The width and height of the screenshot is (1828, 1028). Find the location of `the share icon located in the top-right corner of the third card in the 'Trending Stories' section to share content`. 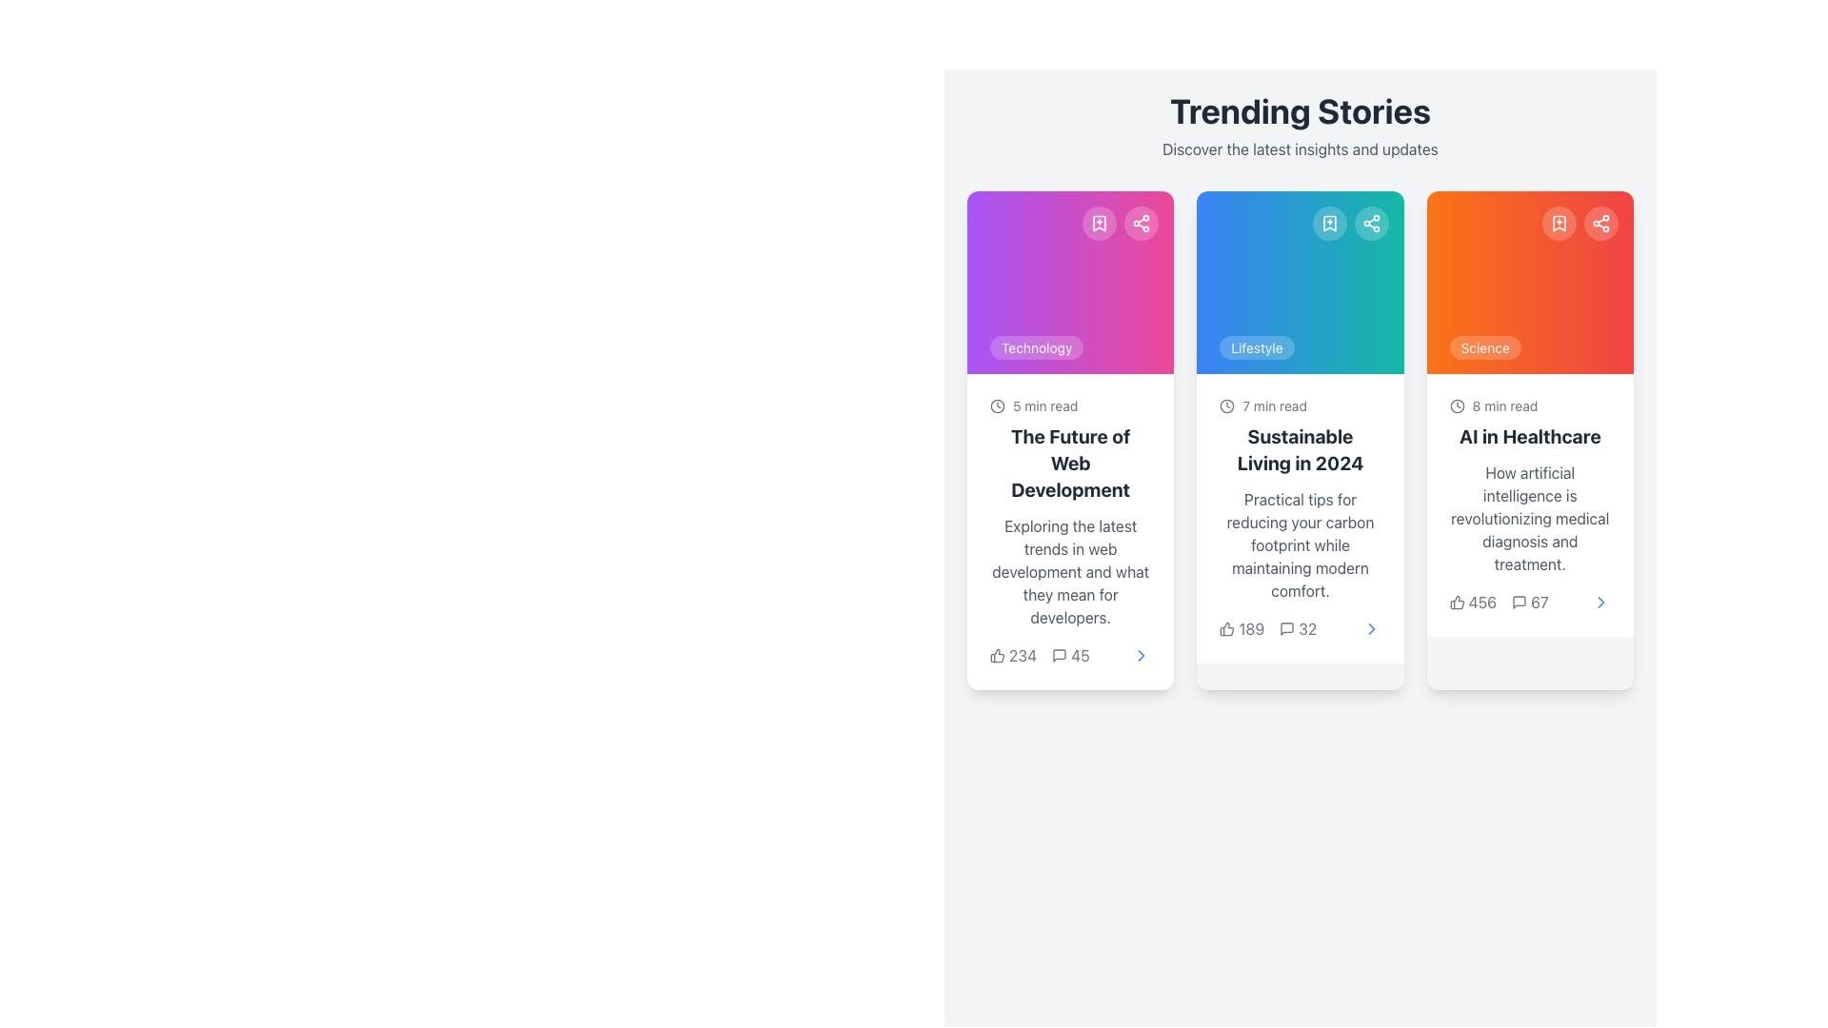

the share icon located in the top-right corner of the third card in the 'Trending Stories' section to share content is located at coordinates (1371, 223).